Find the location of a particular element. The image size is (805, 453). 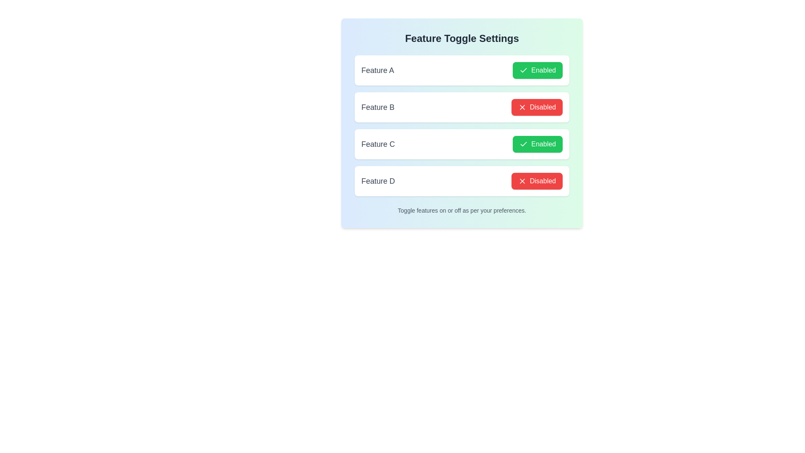

the text label displaying 'Feature C', which is a medium-sized gray title, capitalized and grouped with a green 'Enabled' button and checkmark icon is located at coordinates (378, 143).